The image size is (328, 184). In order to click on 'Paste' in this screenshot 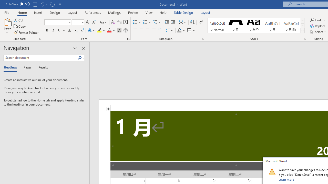, I will do `click(7, 26)`.